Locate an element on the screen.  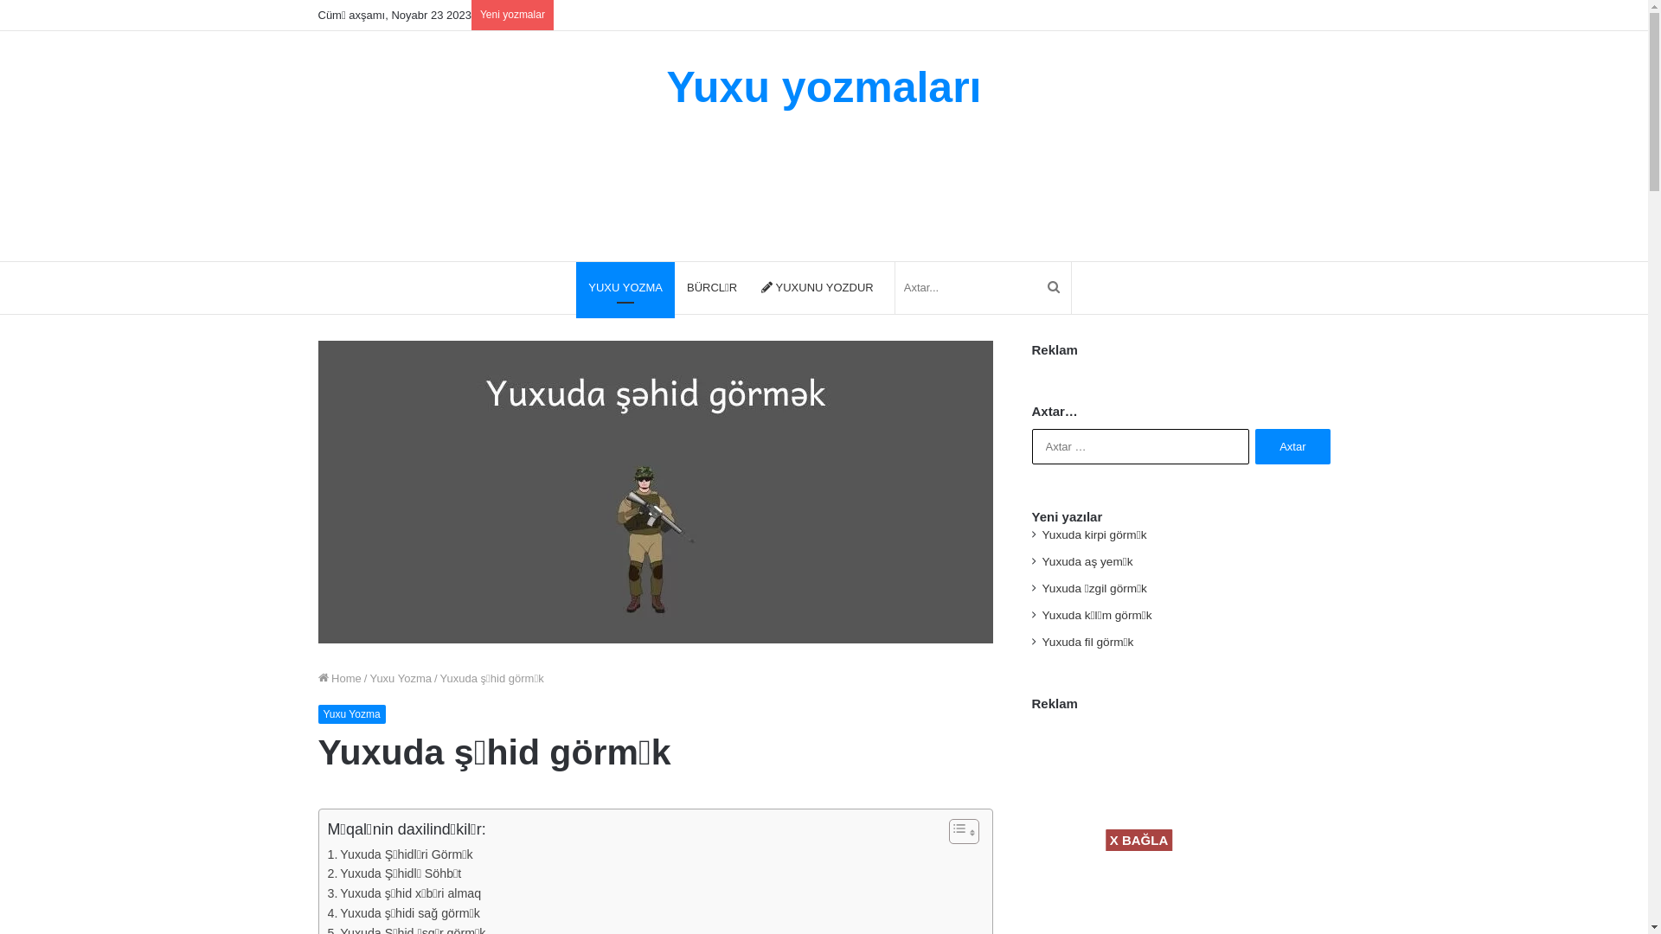
'YUXUNU YOZDUR' is located at coordinates (748, 286).